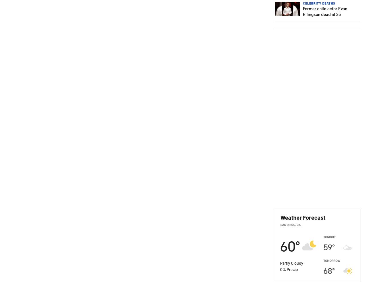 The width and height of the screenshot is (384, 296). Describe the element at coordinates (319, 3) in the screenshot. I see `'celebrity deaths'` at that location.